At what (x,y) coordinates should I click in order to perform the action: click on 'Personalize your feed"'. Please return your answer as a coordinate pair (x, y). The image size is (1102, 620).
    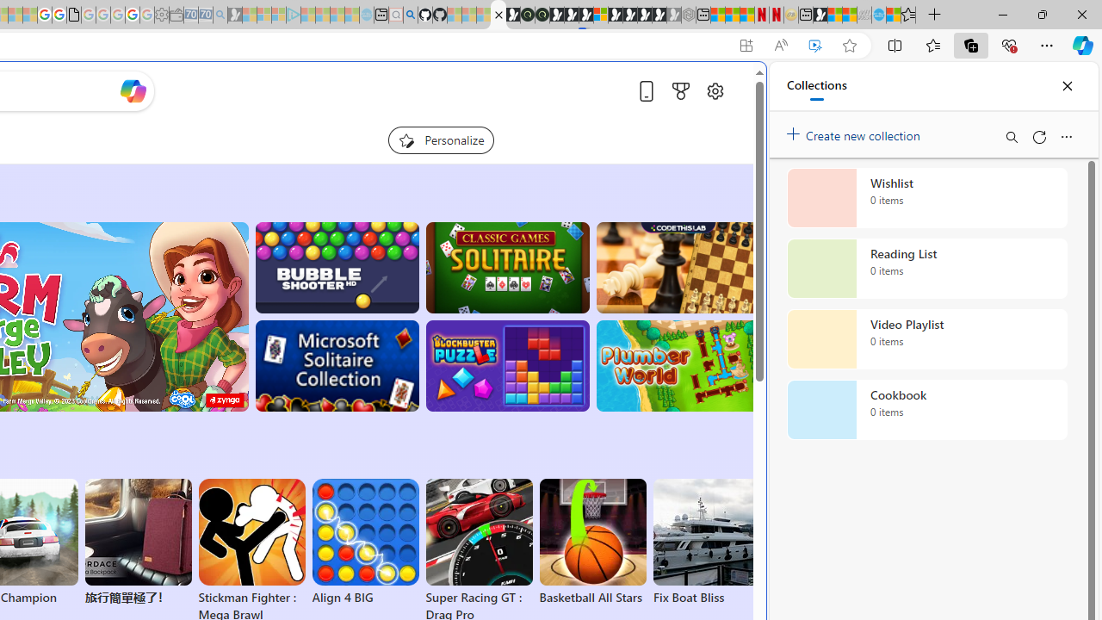
    Looking at the image, I should click on (441, 139).